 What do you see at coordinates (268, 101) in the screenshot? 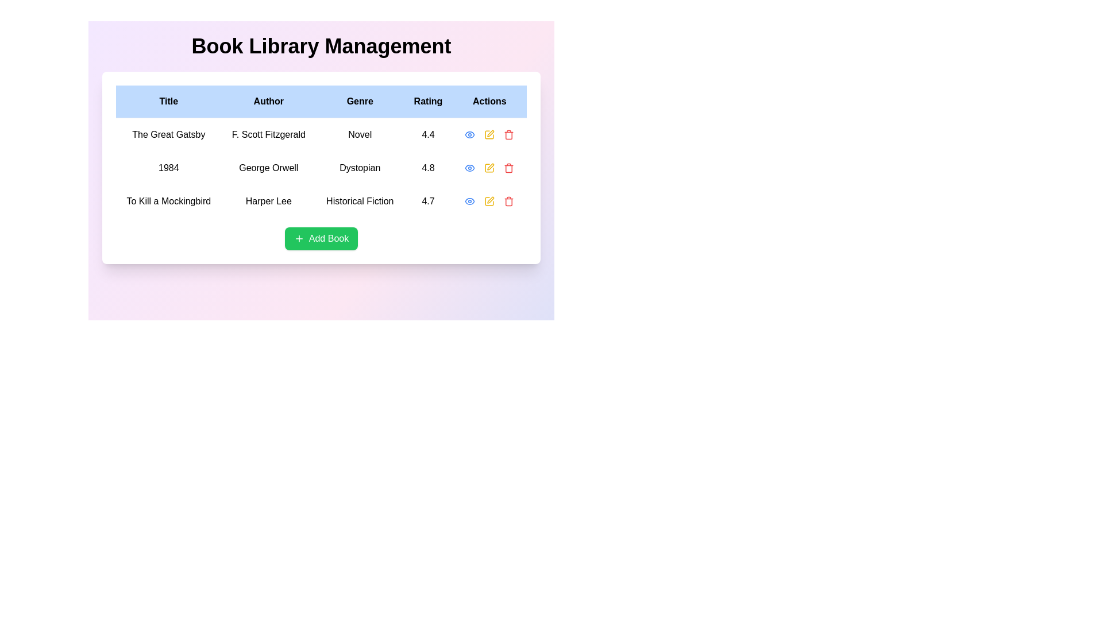
I see `the Table Header Cell representing the 'Author' attribute, located between the 'Title' and 'Genre' headers` at bounding box center [268, 101].